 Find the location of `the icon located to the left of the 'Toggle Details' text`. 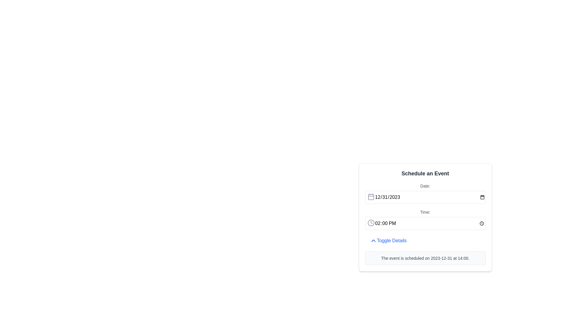

the icon located to the left of the 'Toggle Details' text is located at coordinates (373, 241).